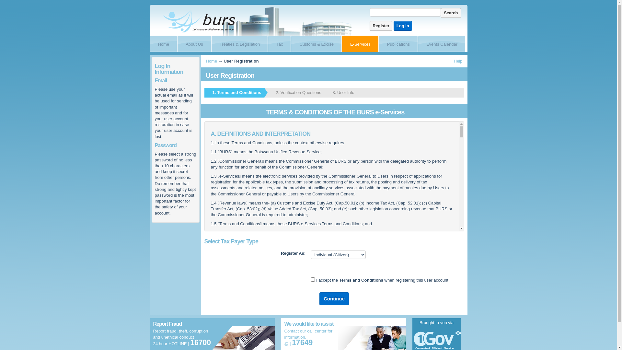  Describe the element at coordinates (212, 61) in the screenshot. I see `'Home'` at that location.